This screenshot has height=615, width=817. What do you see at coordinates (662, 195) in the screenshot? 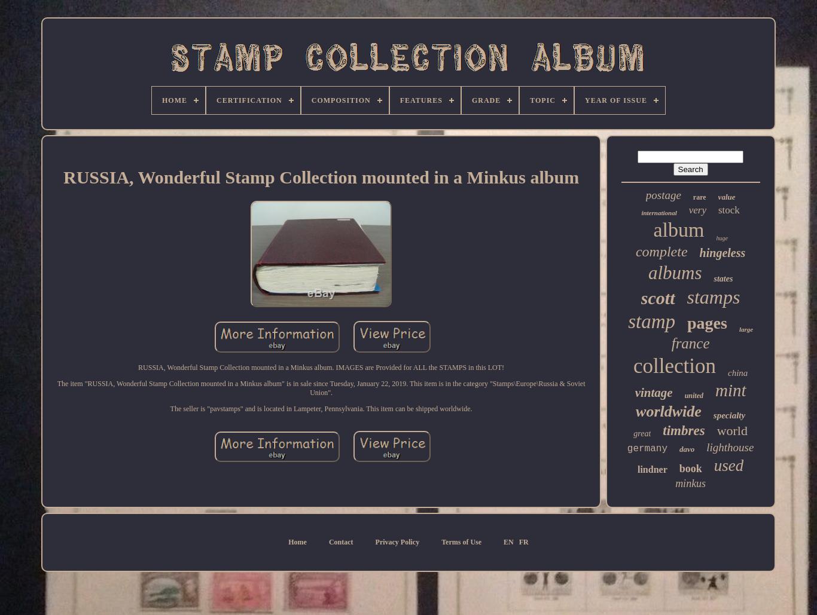
I see `'postage'` at bounding box center [662, 195].